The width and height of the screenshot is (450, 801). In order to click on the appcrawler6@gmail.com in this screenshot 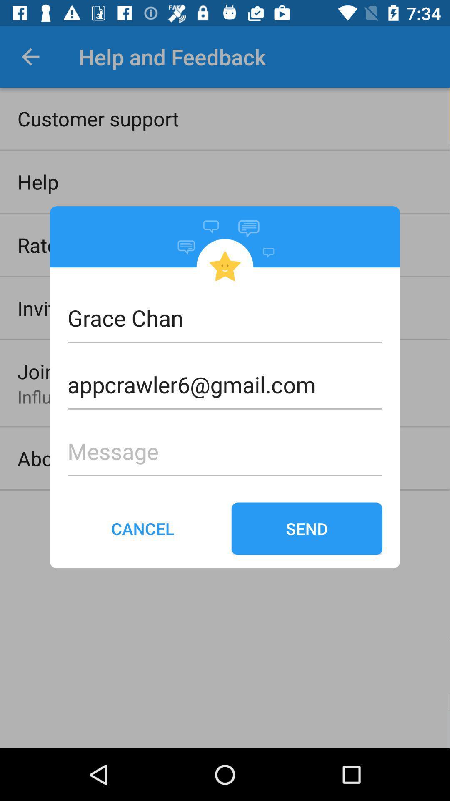, I will do `click(225, 370)`.